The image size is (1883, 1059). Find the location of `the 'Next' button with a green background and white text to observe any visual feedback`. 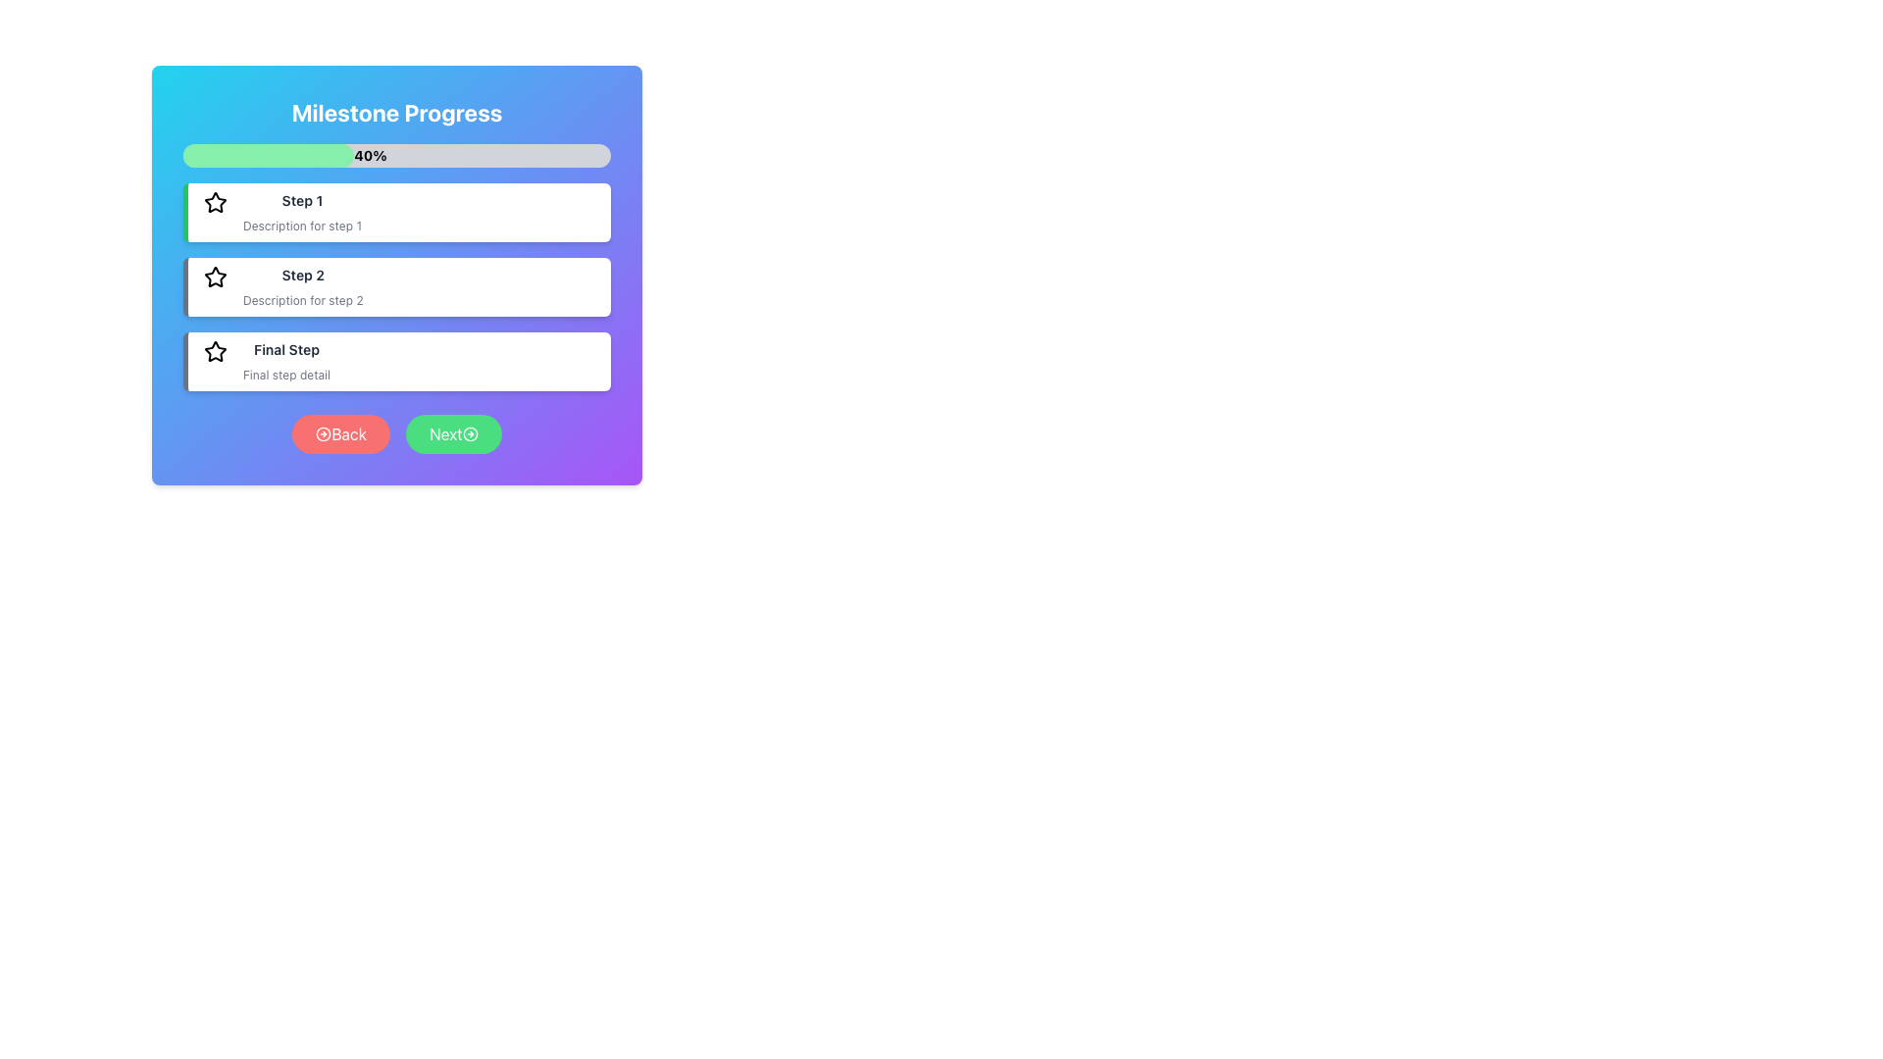

the 'Next' button with a green background and white text to observe any visual feedback is located at coordinates (452, 433).